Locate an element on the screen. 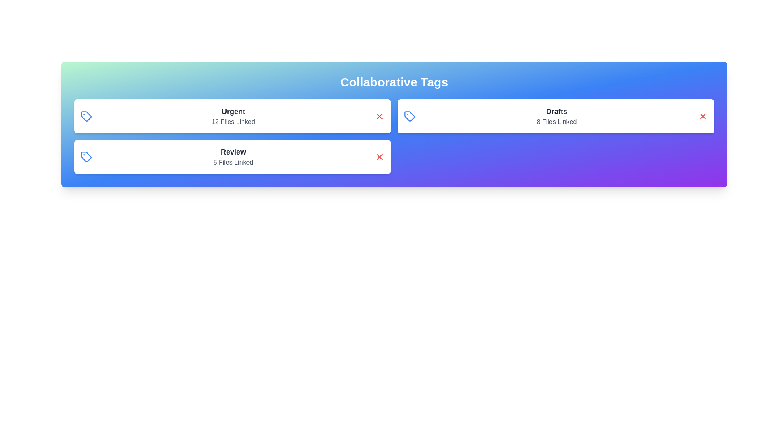 Image resolution: width=778 pixels, height=438 pixels. the 'X' button next to the tag named Review to remove it is located at coordinates (379, 157).